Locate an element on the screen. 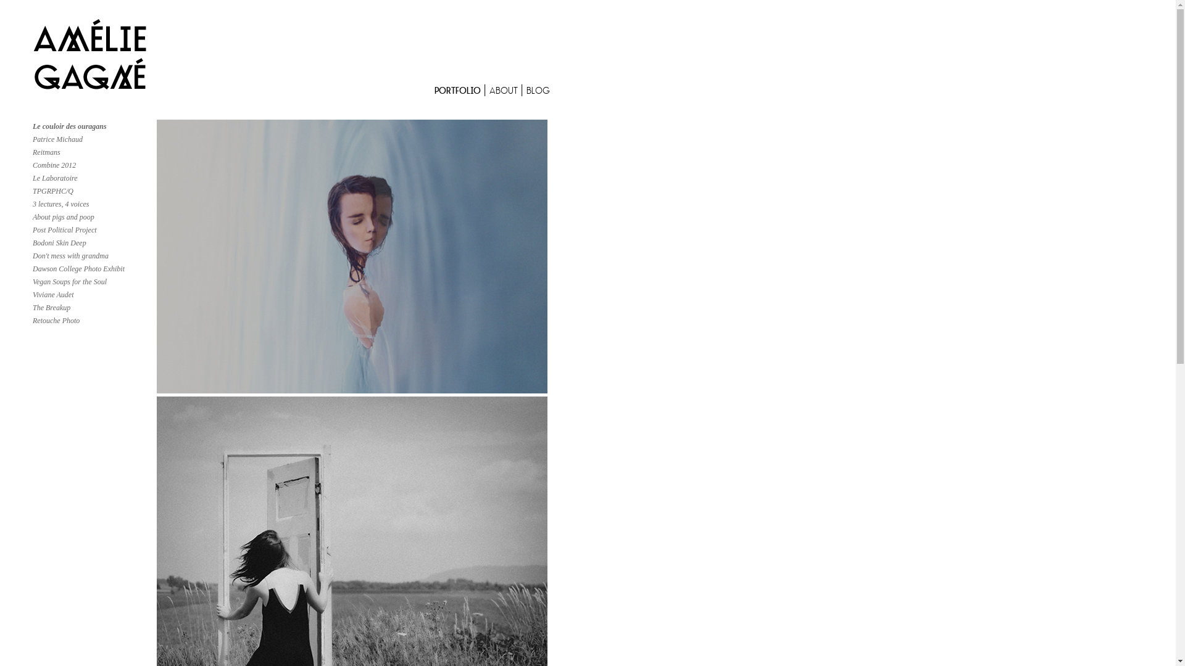 Image resolution: width=1185 pixels, height=666 pixels. 'Don't mess with grandma' is located at coordinates (32, 255).